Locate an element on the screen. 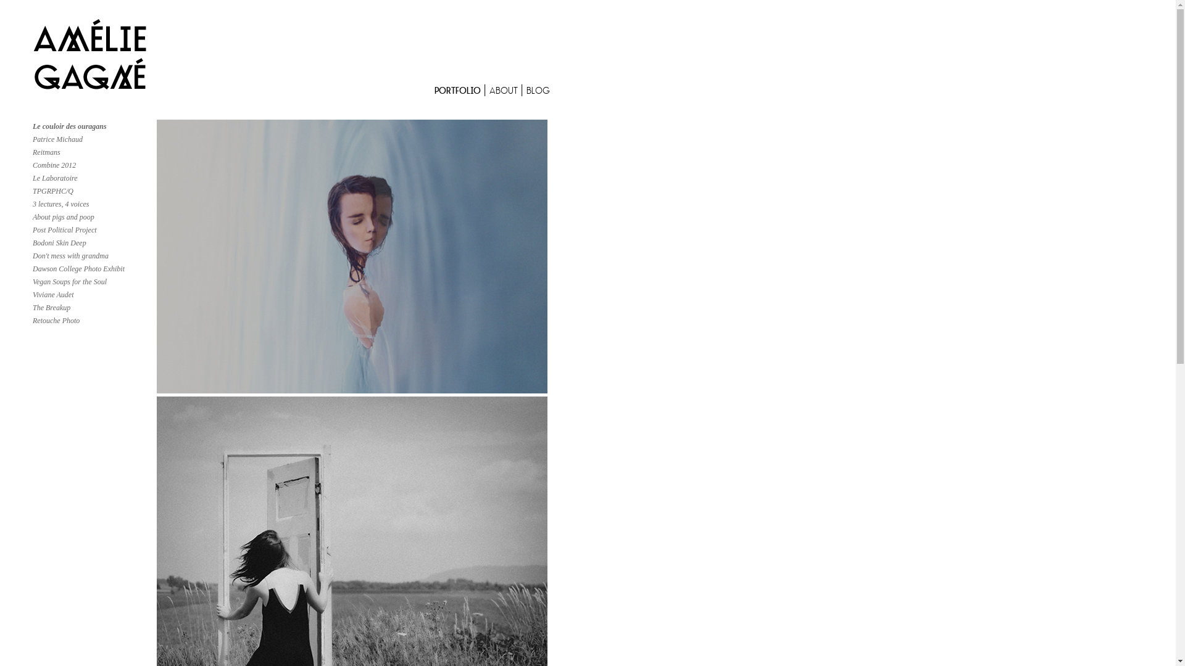 Image resolution: width=1185 pixels, height=666 pixels. 'Don't mess with grandma' is located at coordinates (32, 255).